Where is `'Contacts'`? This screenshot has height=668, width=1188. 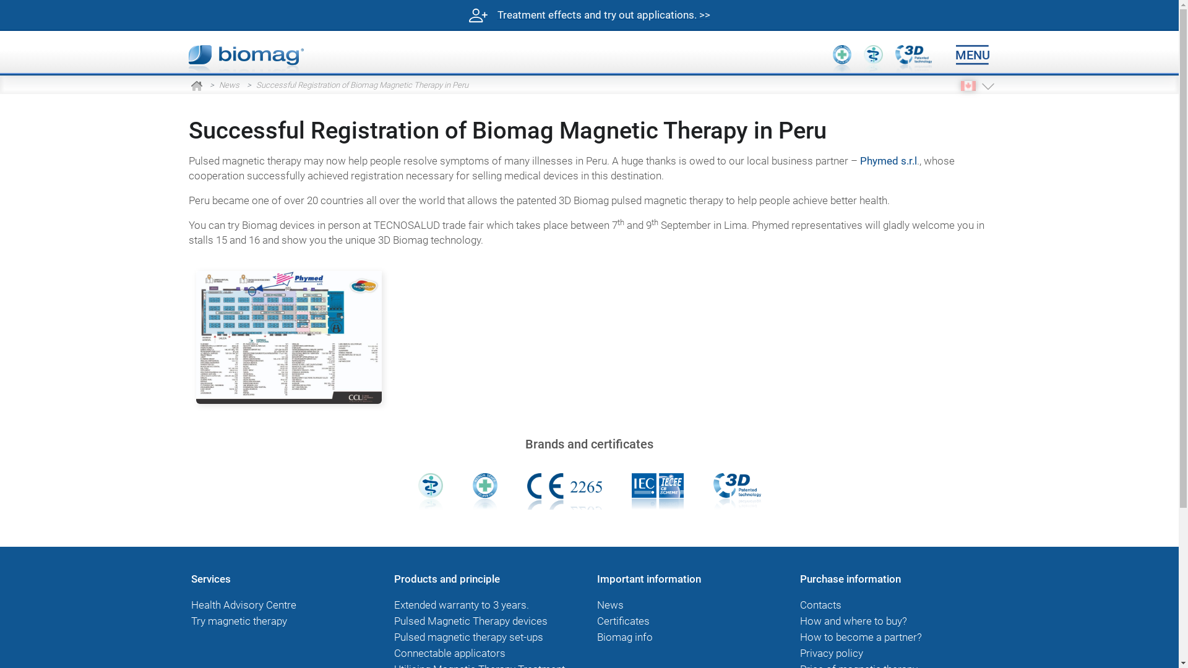 'Contacts' is located at coordinates (820, 604).